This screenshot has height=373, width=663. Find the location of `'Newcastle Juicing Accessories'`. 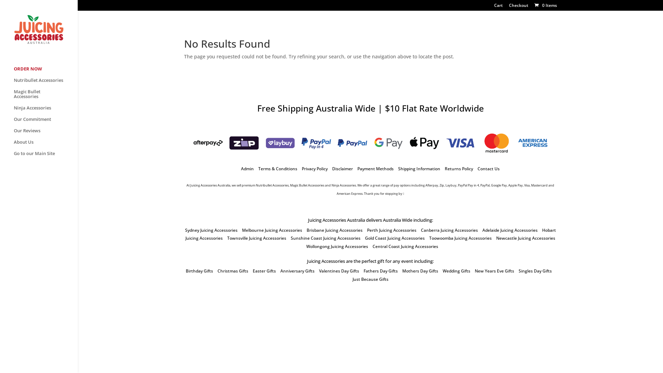

'Newcastle Juicing Accessories' is located at coordinates (525, 238).